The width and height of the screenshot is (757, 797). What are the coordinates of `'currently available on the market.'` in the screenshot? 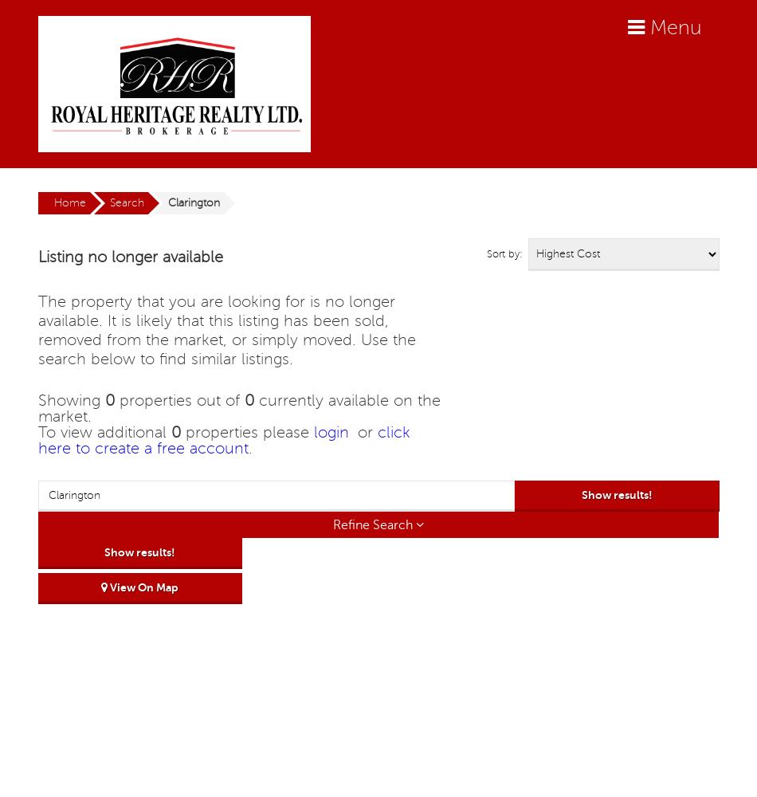 It's located at (237, 409).